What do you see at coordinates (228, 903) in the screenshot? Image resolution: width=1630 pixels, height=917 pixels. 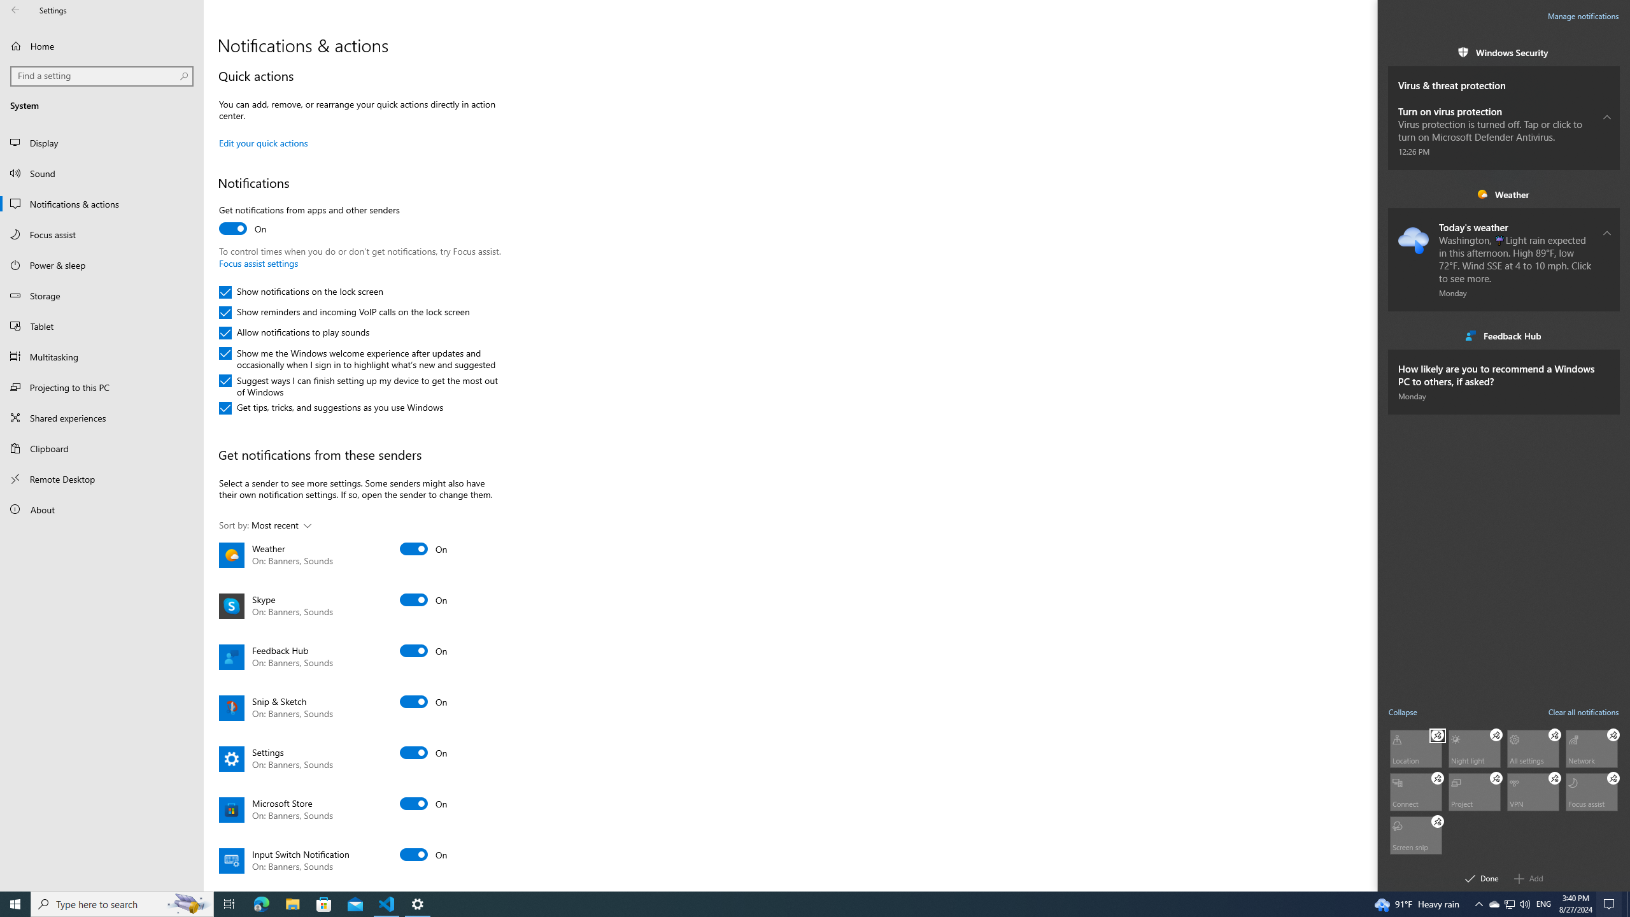 I see `'Task View'` at bounding box center [228, 903].